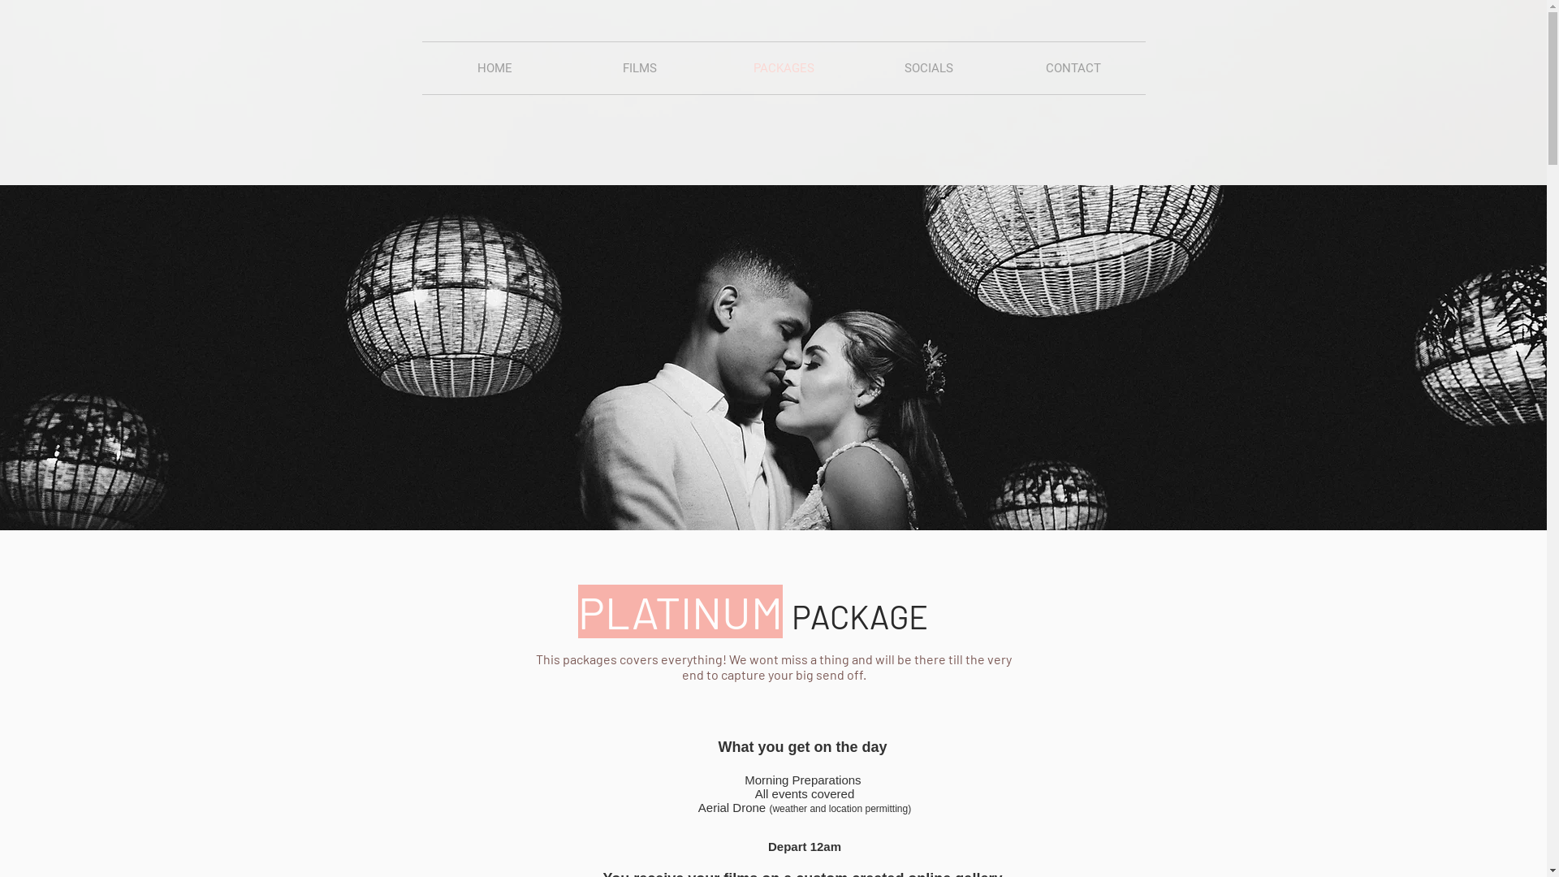  Describe the element at coordinates (638, 67) in the screenshot. I see `'FILMS'` at that location.